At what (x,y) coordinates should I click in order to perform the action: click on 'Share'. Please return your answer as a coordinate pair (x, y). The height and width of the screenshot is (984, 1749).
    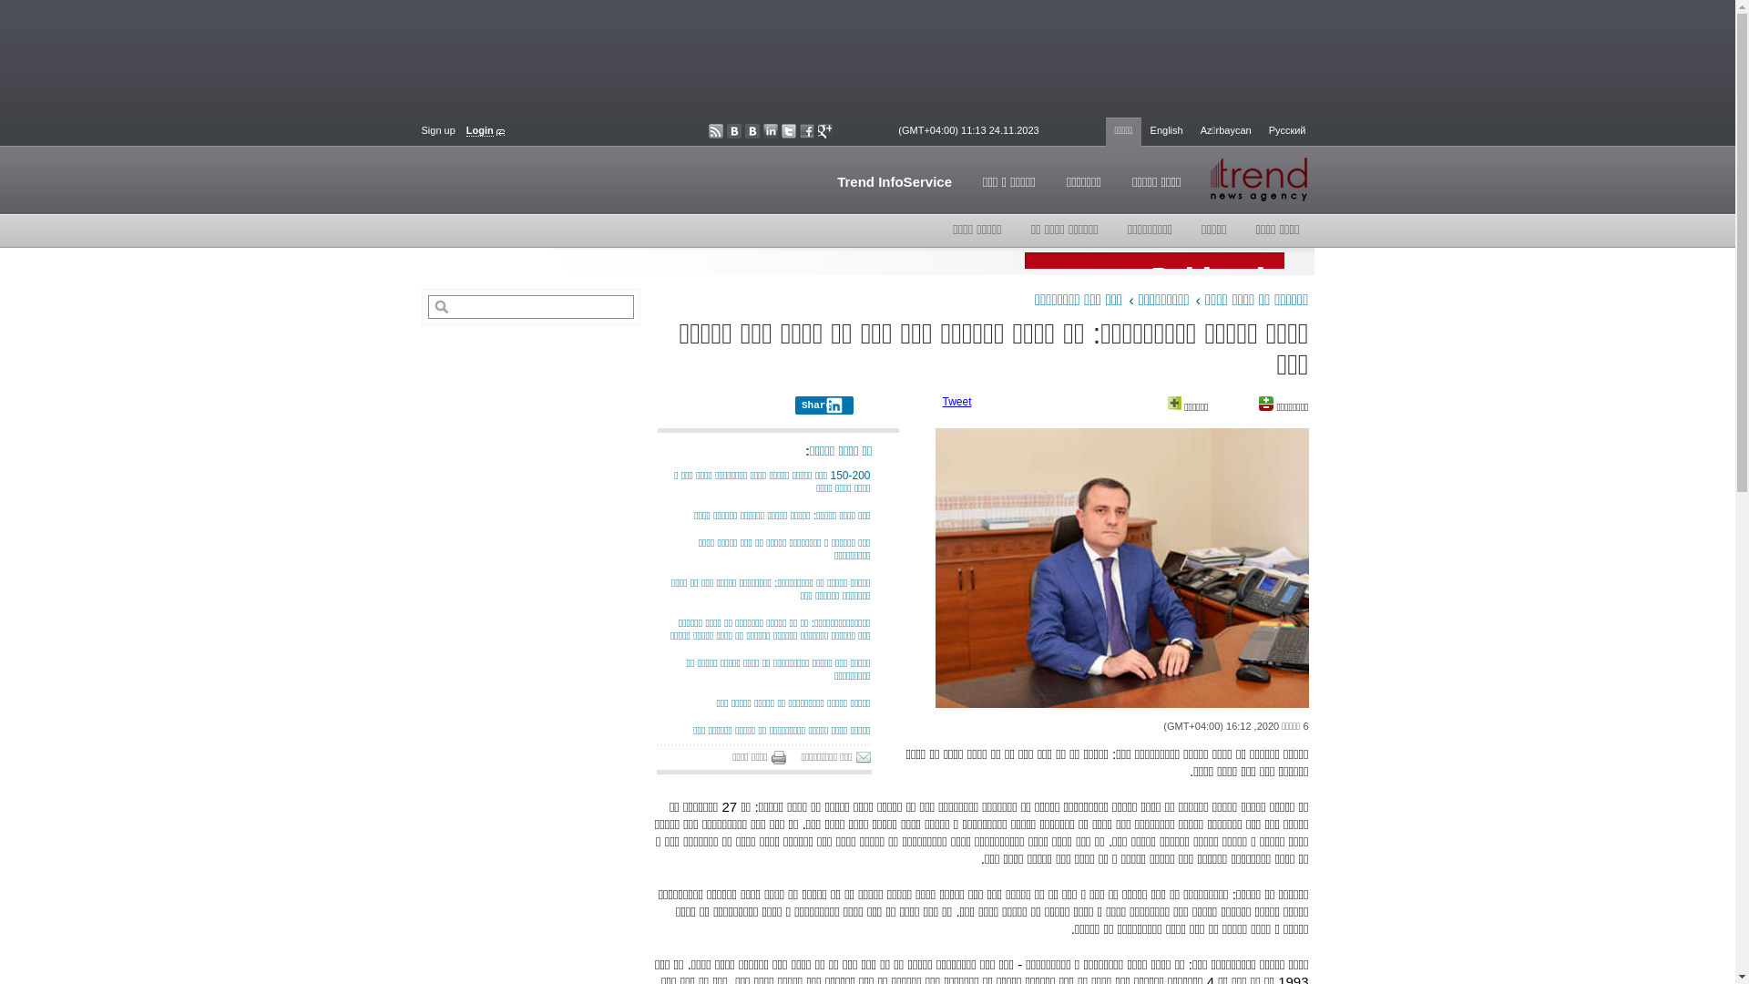
    Looking at the image, I should click on (823, 404).